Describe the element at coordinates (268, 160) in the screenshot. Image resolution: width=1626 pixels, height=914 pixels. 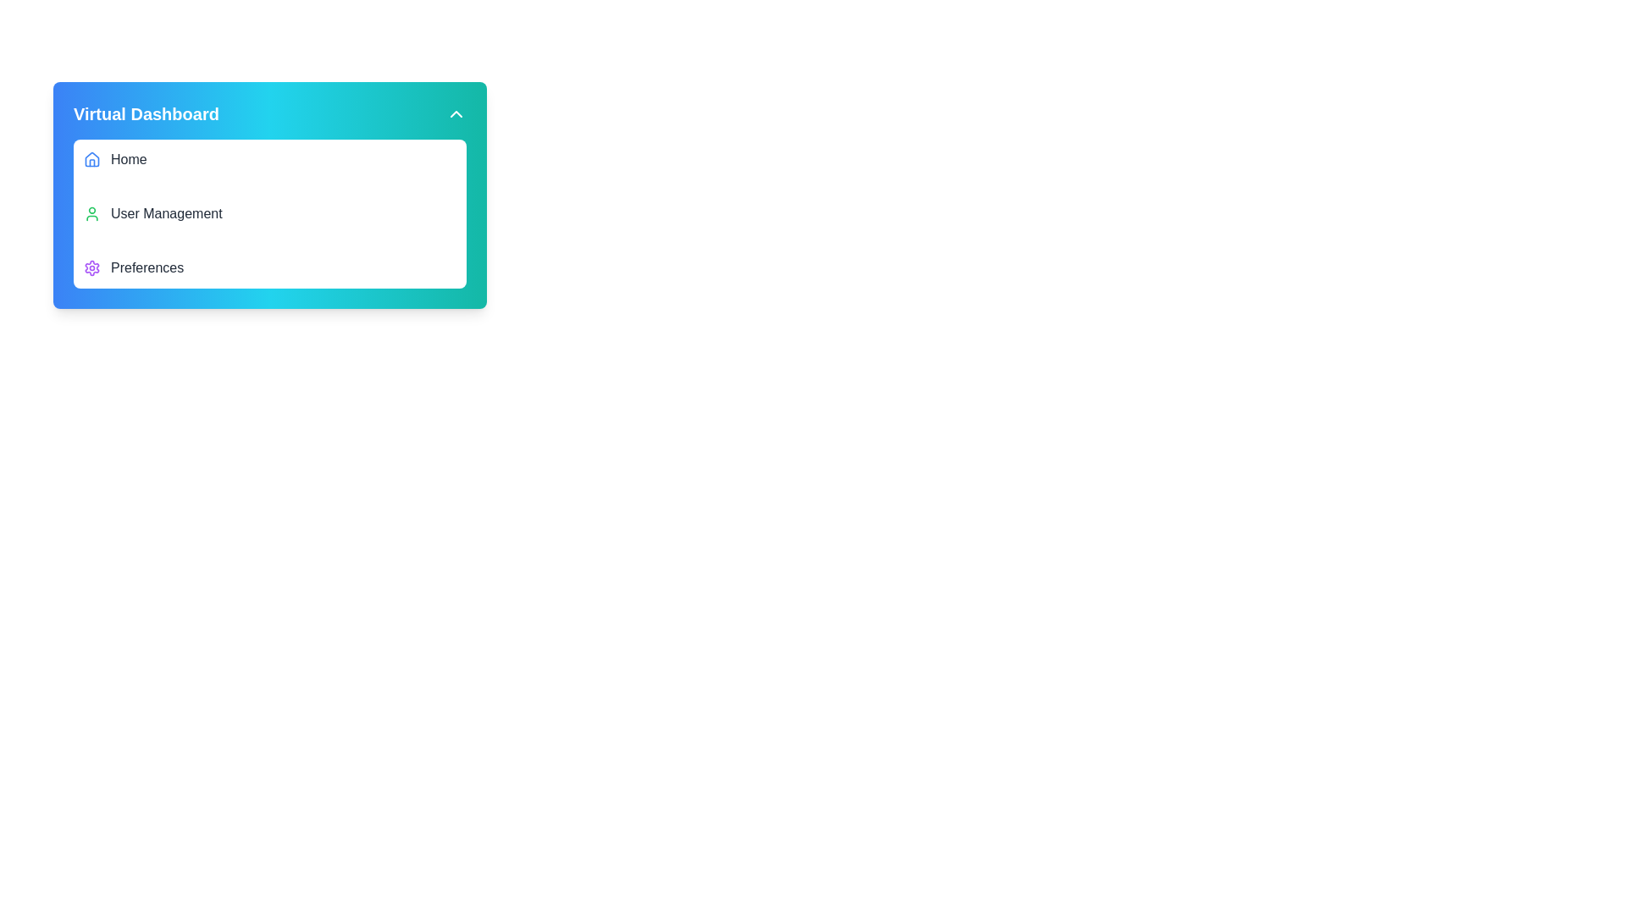
I see `the 'Home' menu item, which is the first entry in the 'Virtual Dashboard' menu` at that location.